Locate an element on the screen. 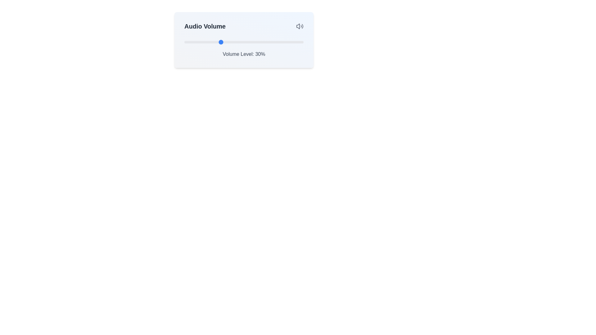 The image size is (596, 335). the volume level is located at coordinates (269, 42).